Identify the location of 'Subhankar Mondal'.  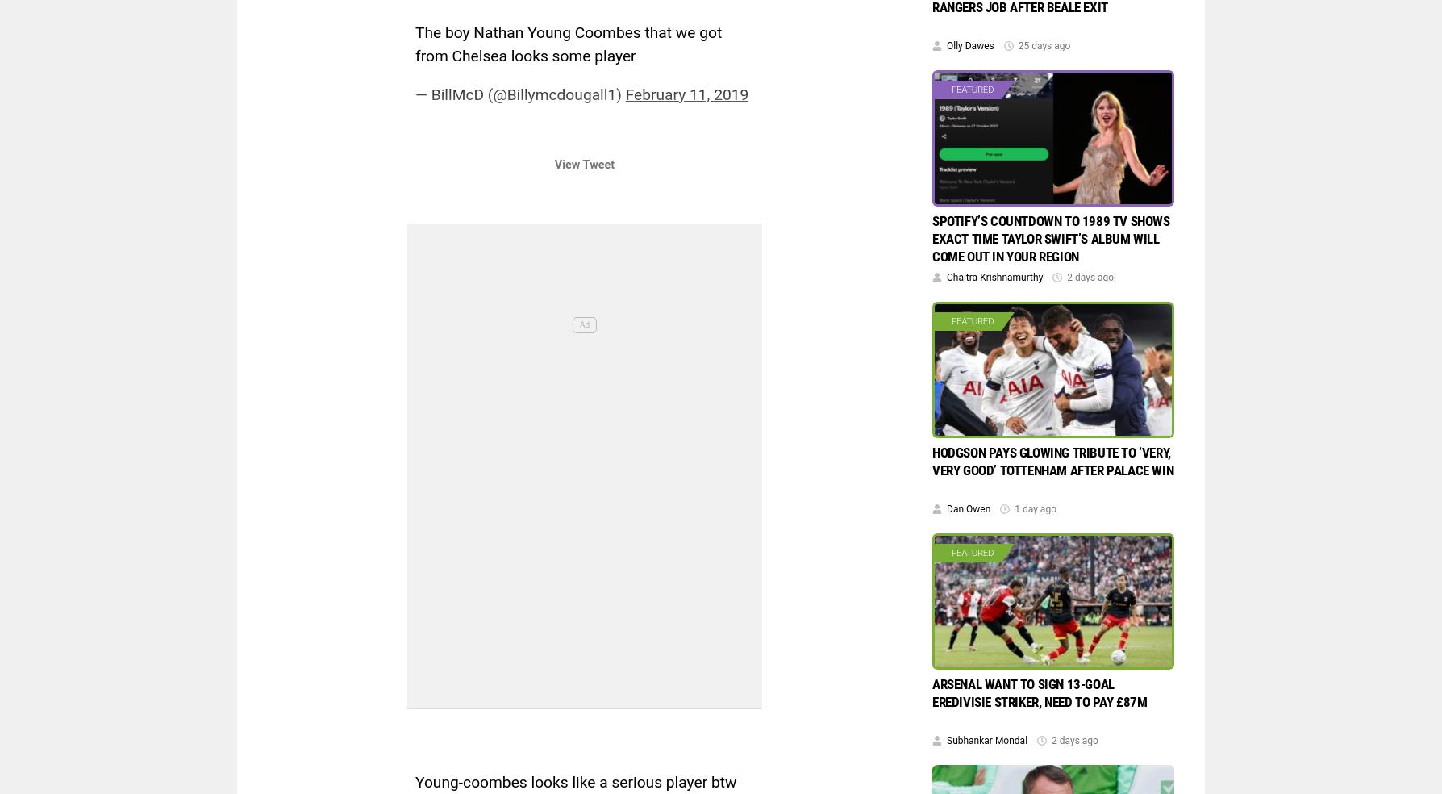
(986, 740).